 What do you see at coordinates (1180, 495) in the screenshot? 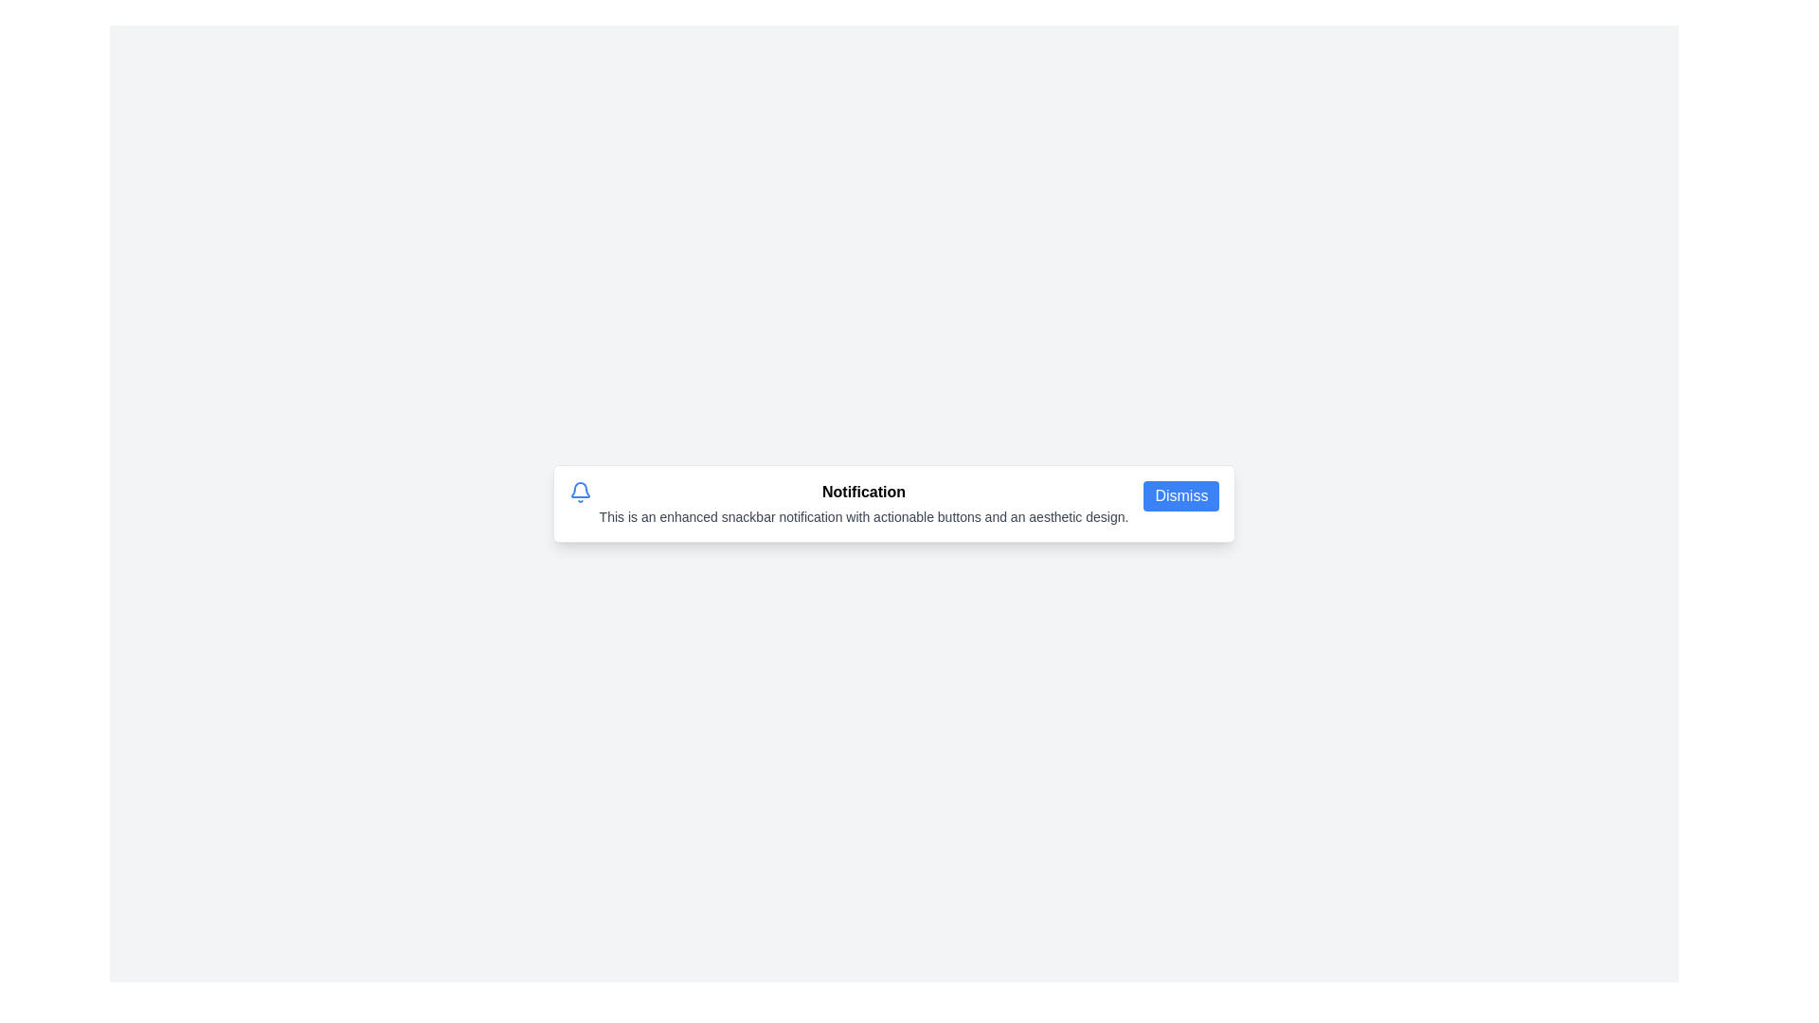
I see `'Dismiss' button to close the snackbar` at bounding box center [1180, 495].